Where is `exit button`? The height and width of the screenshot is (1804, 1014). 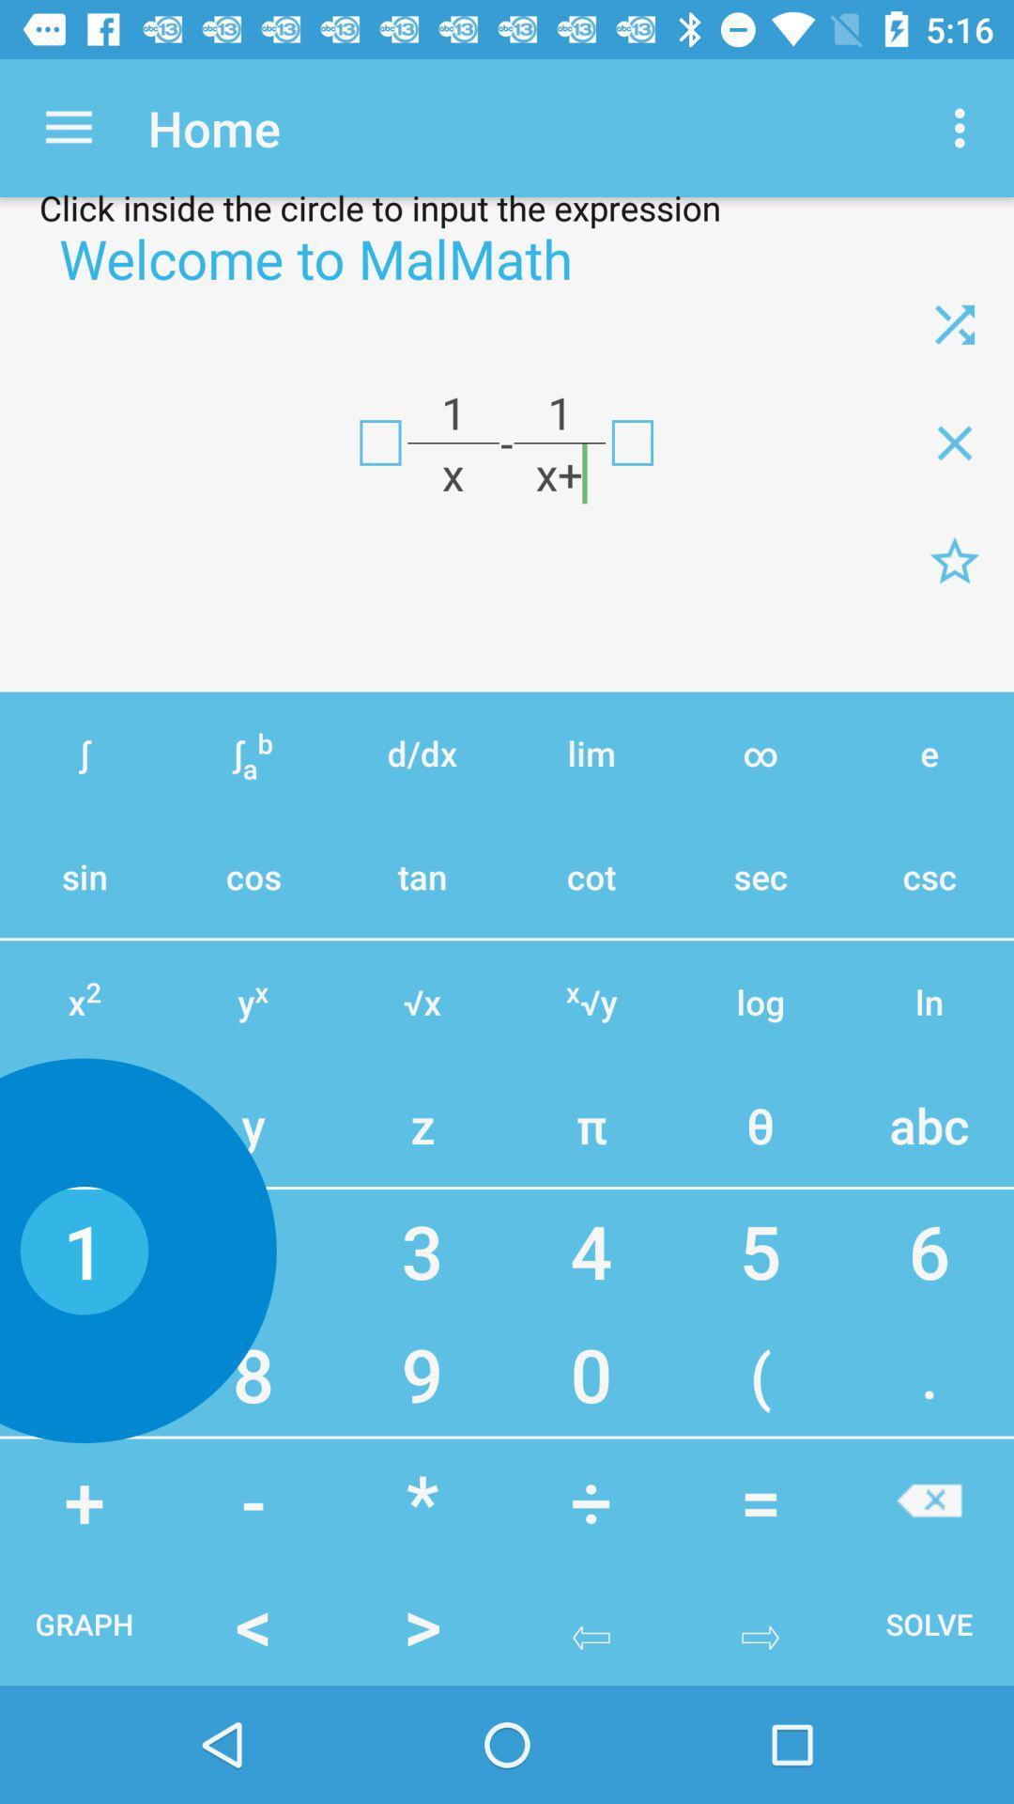
exit button is located at coordinates (632, 442).